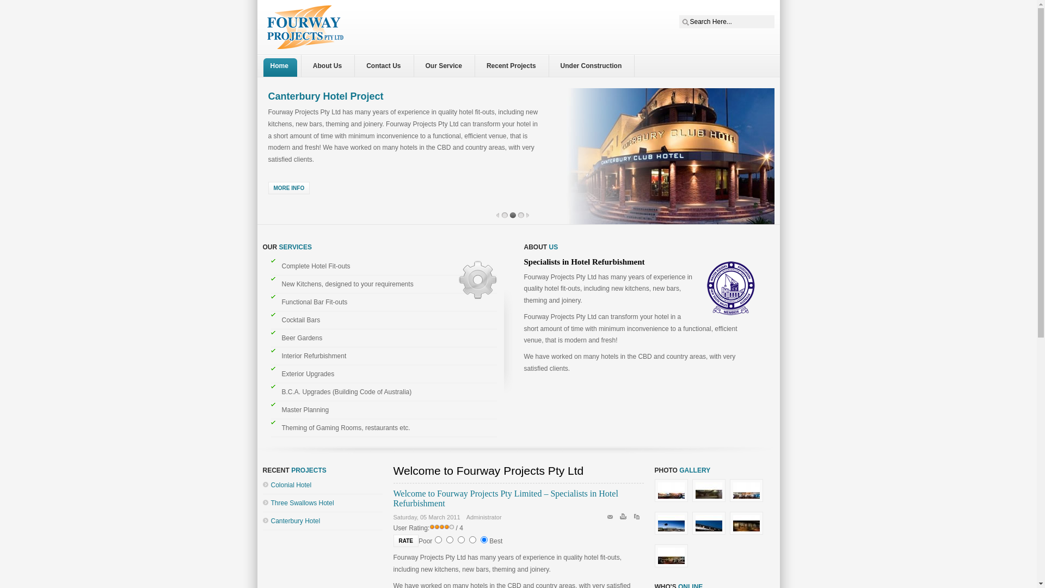  I want to click on 'Photo Gallery', so click(747, 535).